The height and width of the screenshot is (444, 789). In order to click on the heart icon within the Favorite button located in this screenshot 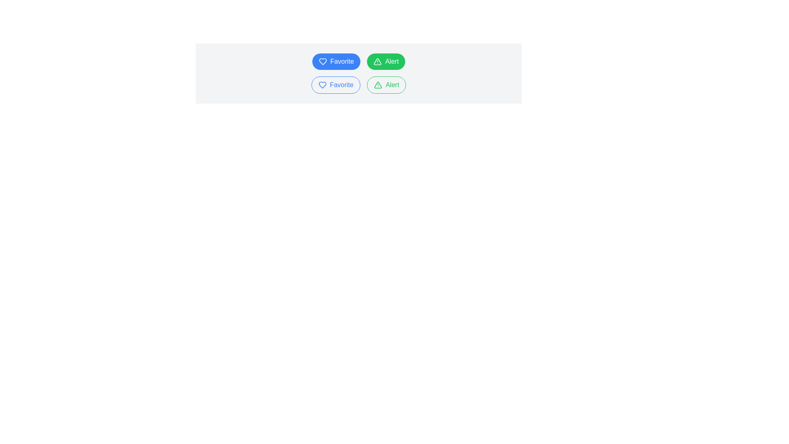, I will do `click(322, 85)`.